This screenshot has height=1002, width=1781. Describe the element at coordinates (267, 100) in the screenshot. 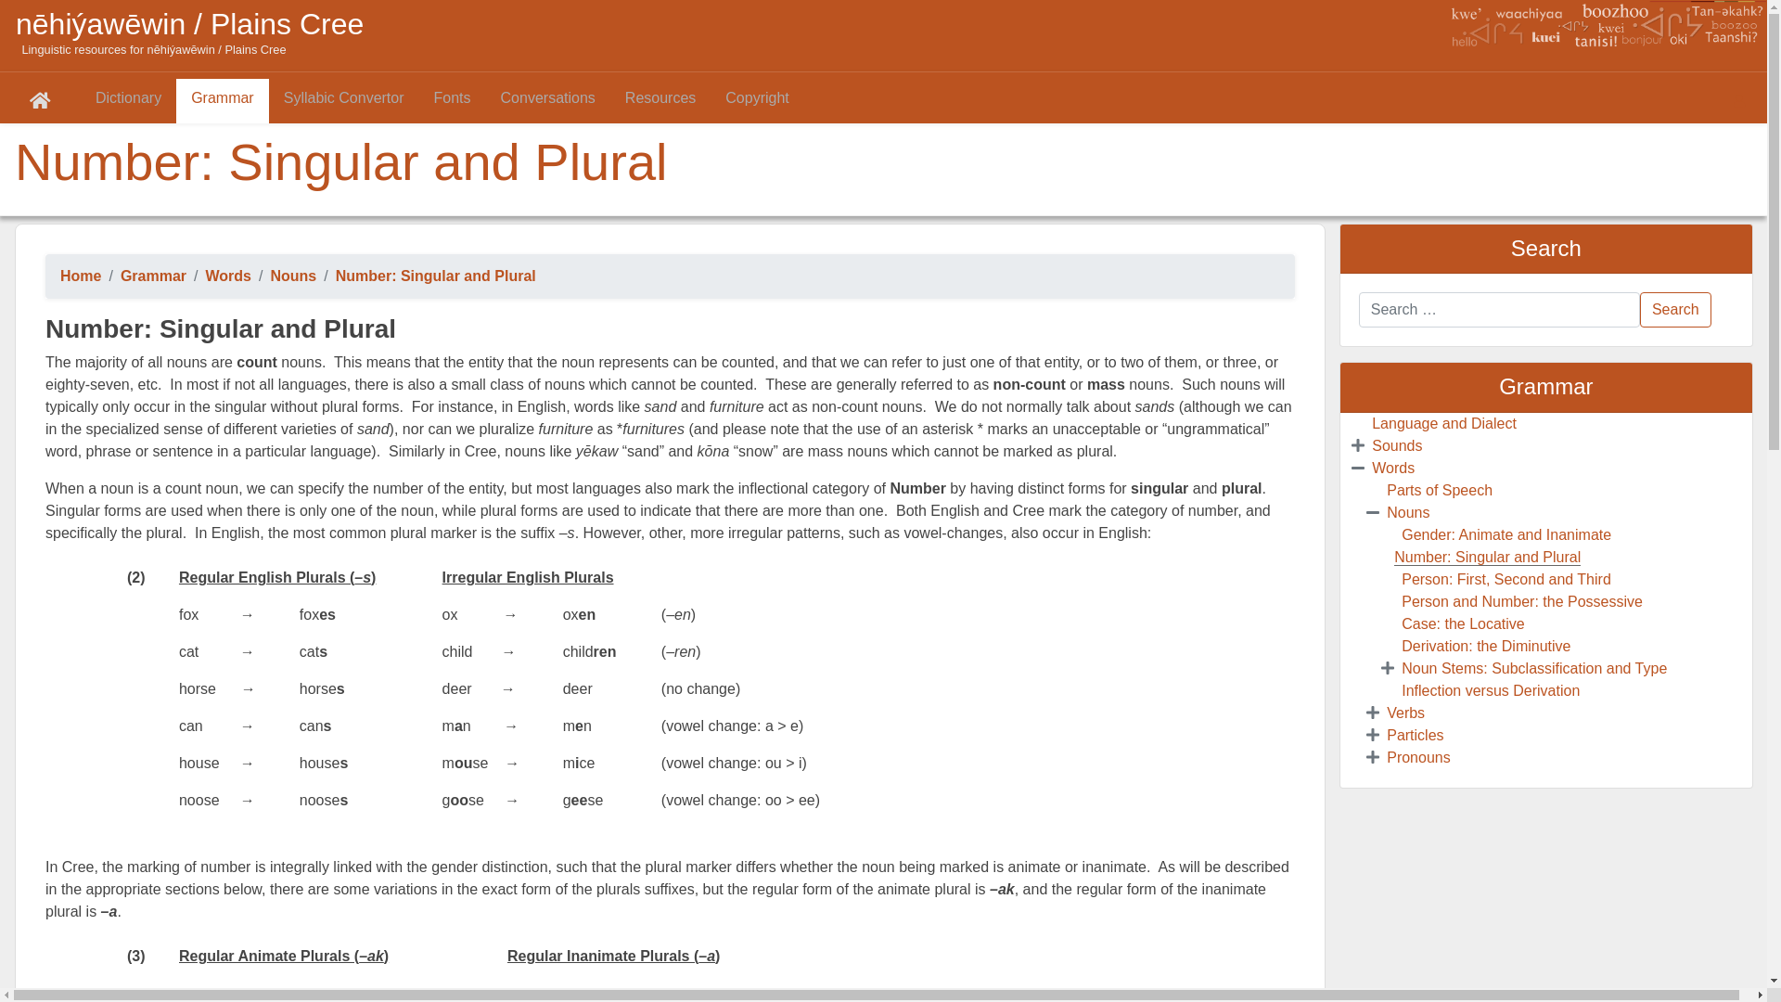

I see `'Syllabic Convertor'` at that location.